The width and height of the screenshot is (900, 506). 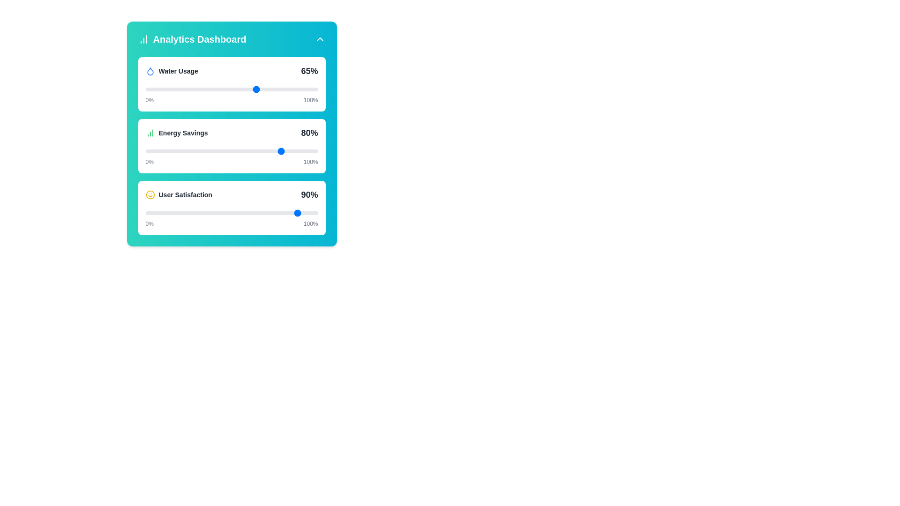 I want to click on the analytics icon located to the left of the 'Analytics Dashboard' header, which serves as a visual indicator for the section, so click(x=143, y=39).